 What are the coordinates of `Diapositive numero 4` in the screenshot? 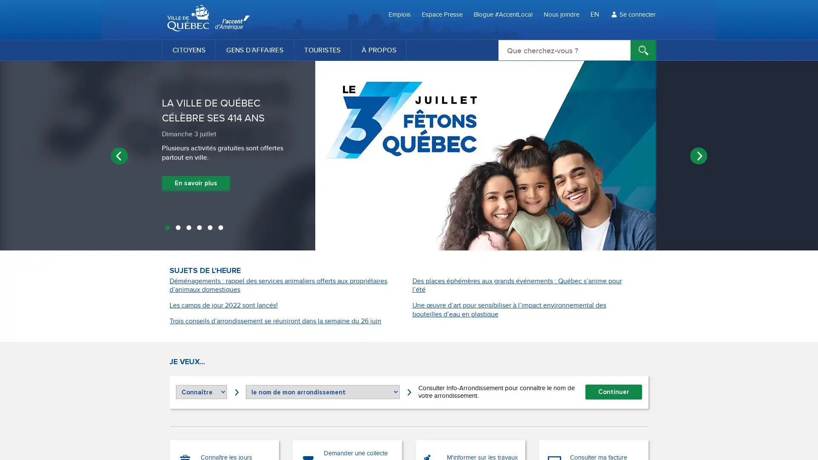 It's located at (199, 228).